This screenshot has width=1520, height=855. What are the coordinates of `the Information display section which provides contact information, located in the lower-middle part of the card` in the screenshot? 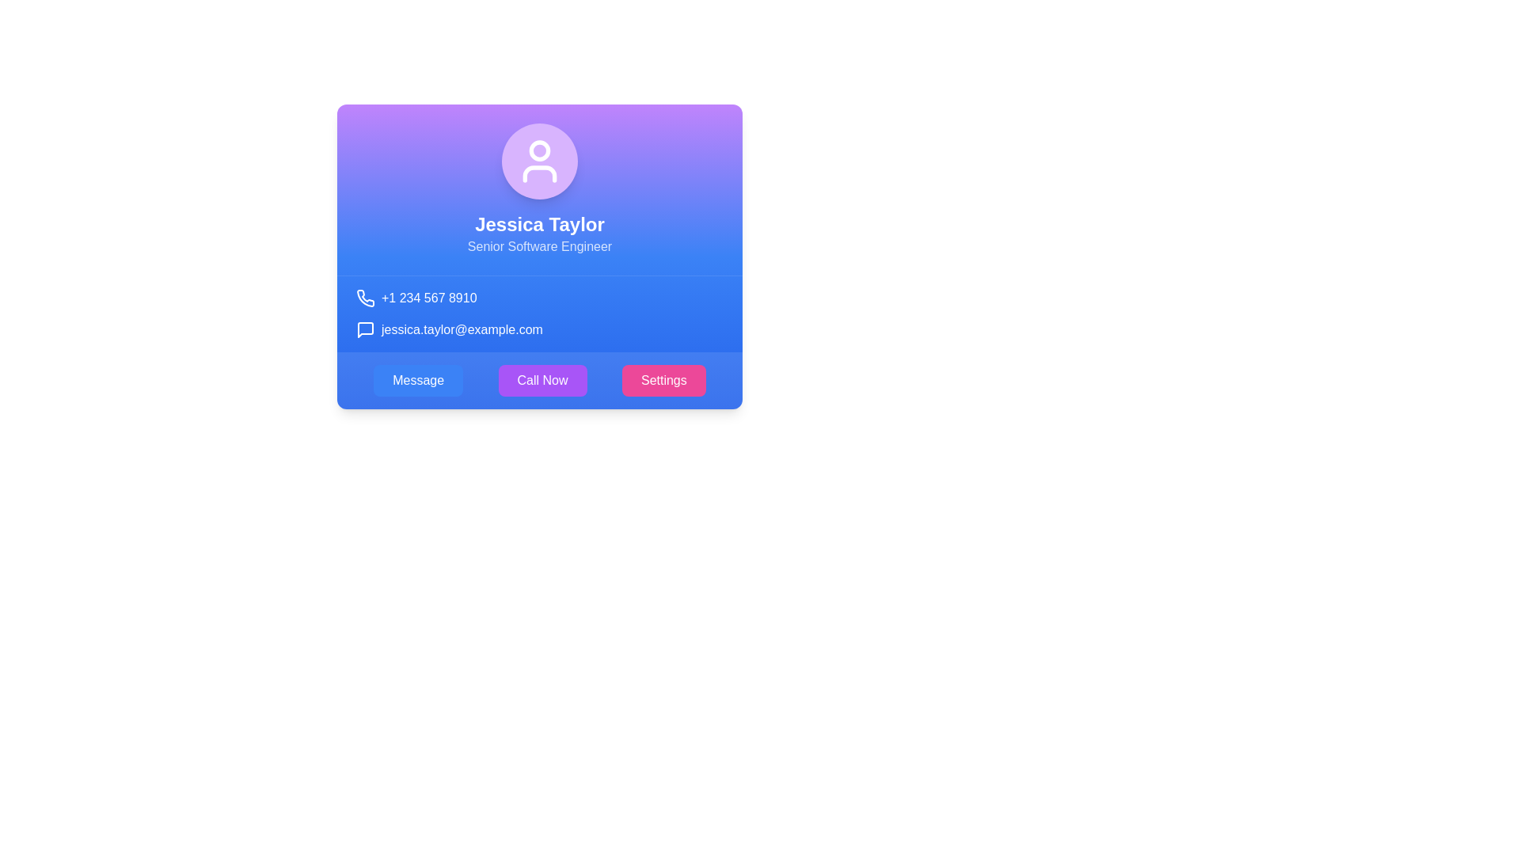 It's located at (539, 313).